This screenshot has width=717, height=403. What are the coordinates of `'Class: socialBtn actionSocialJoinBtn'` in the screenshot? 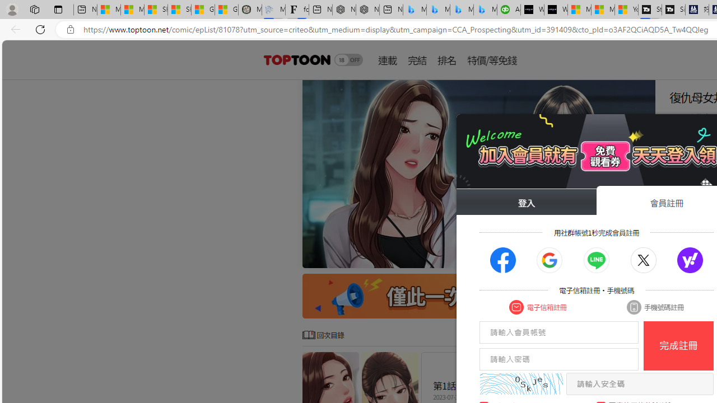 It's located at (690, 260).